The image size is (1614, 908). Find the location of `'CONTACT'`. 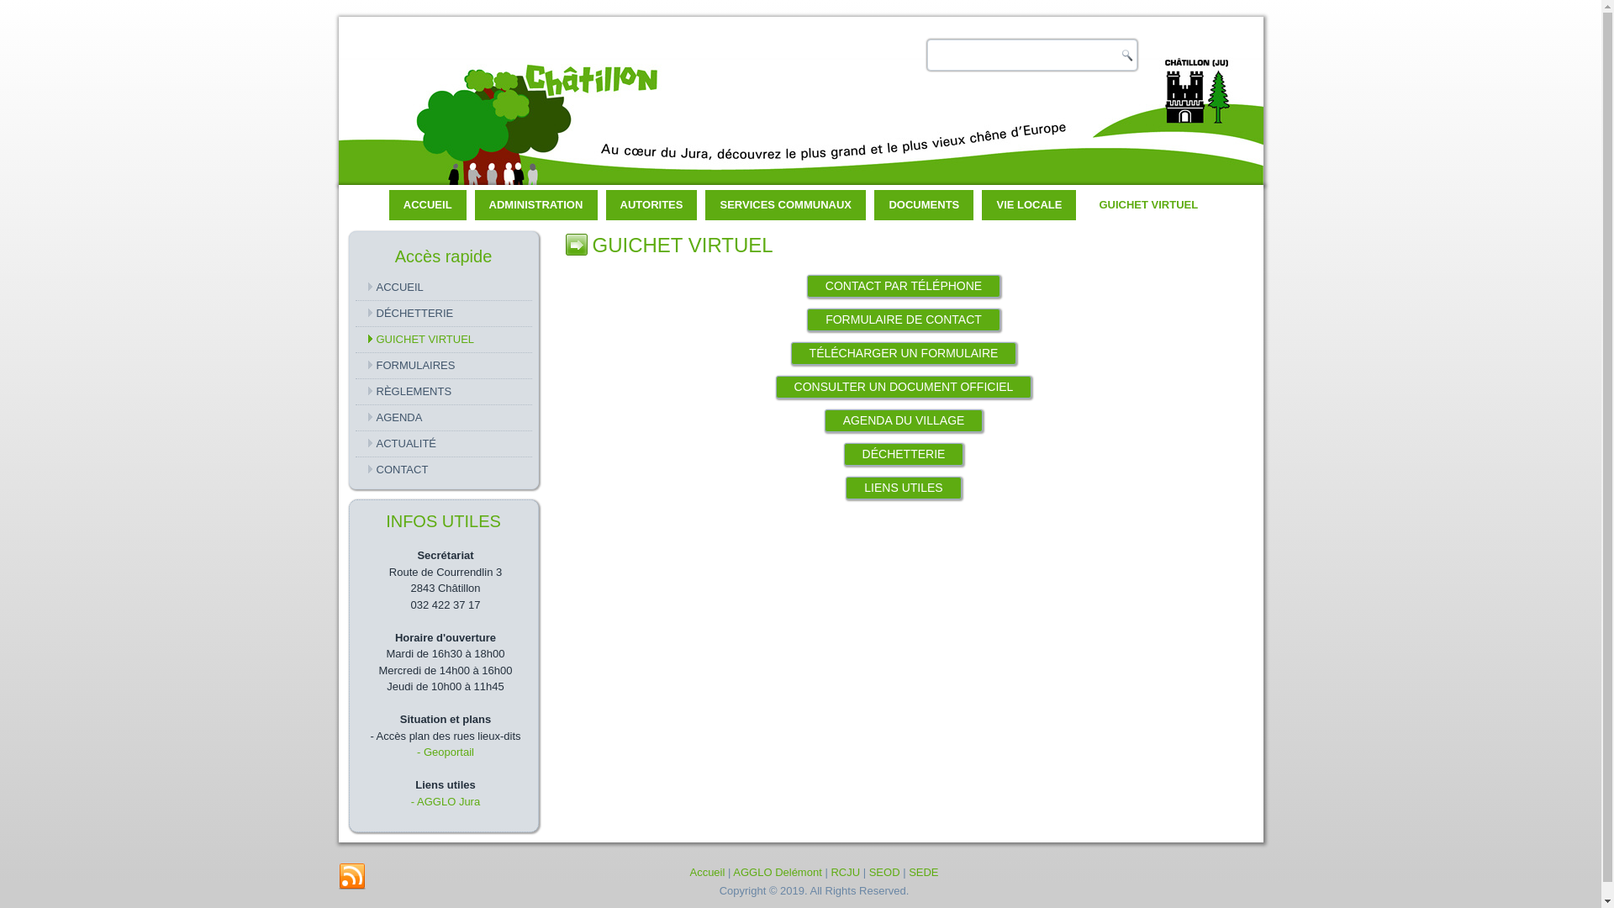

'CONTACT' is located at coordinates (443, 470).